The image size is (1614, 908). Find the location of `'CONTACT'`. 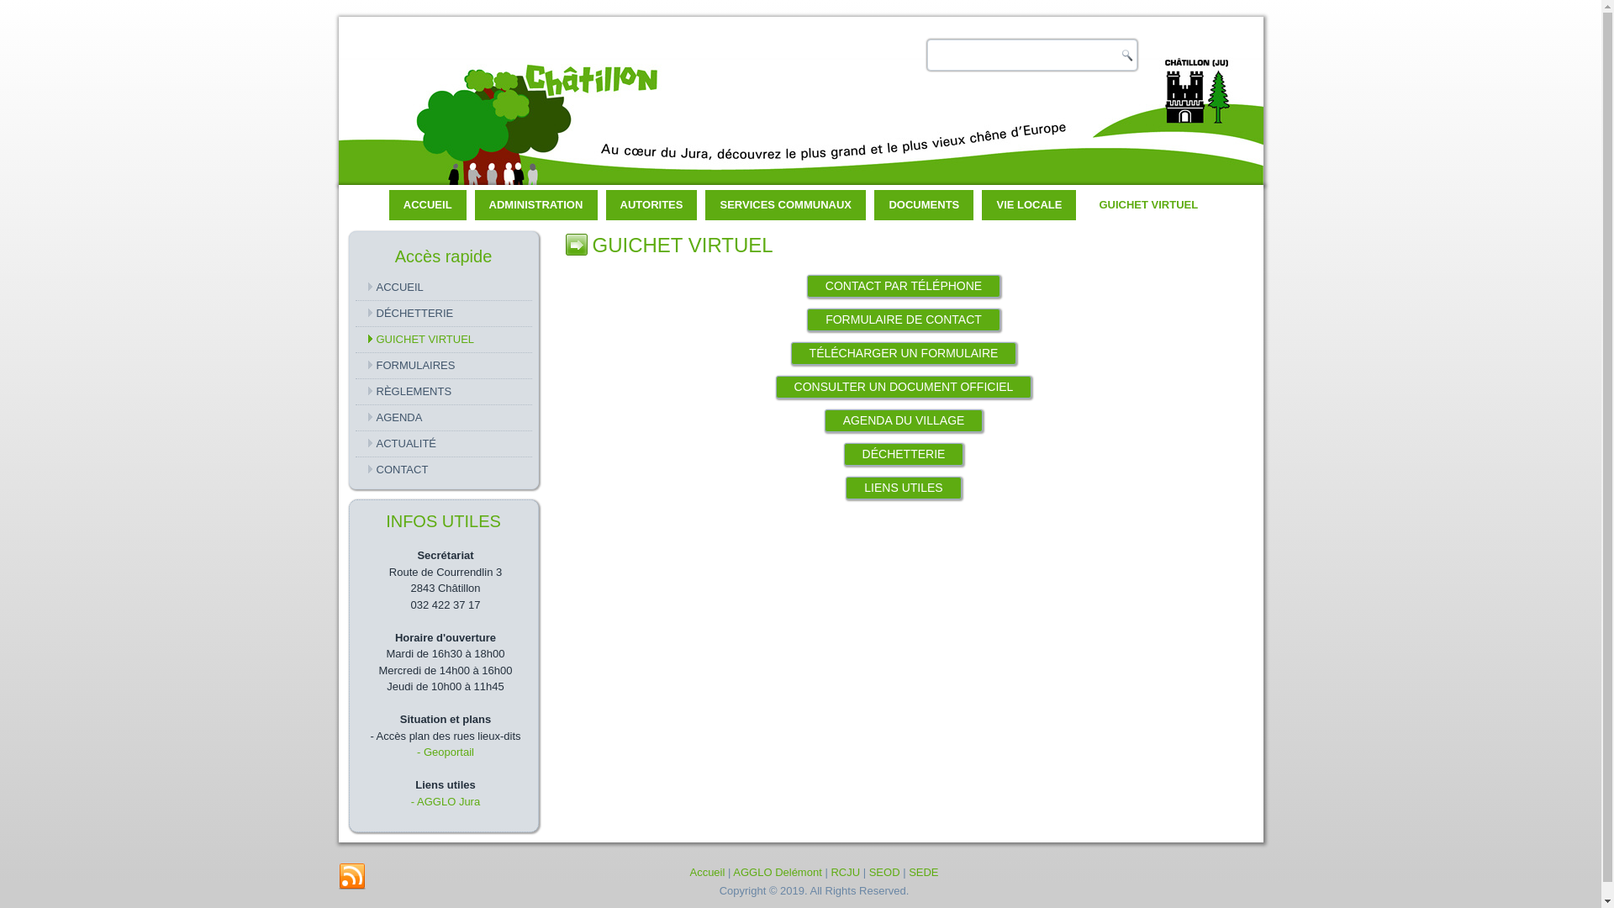

'CONTACT' is located at coordinates (443, 470).